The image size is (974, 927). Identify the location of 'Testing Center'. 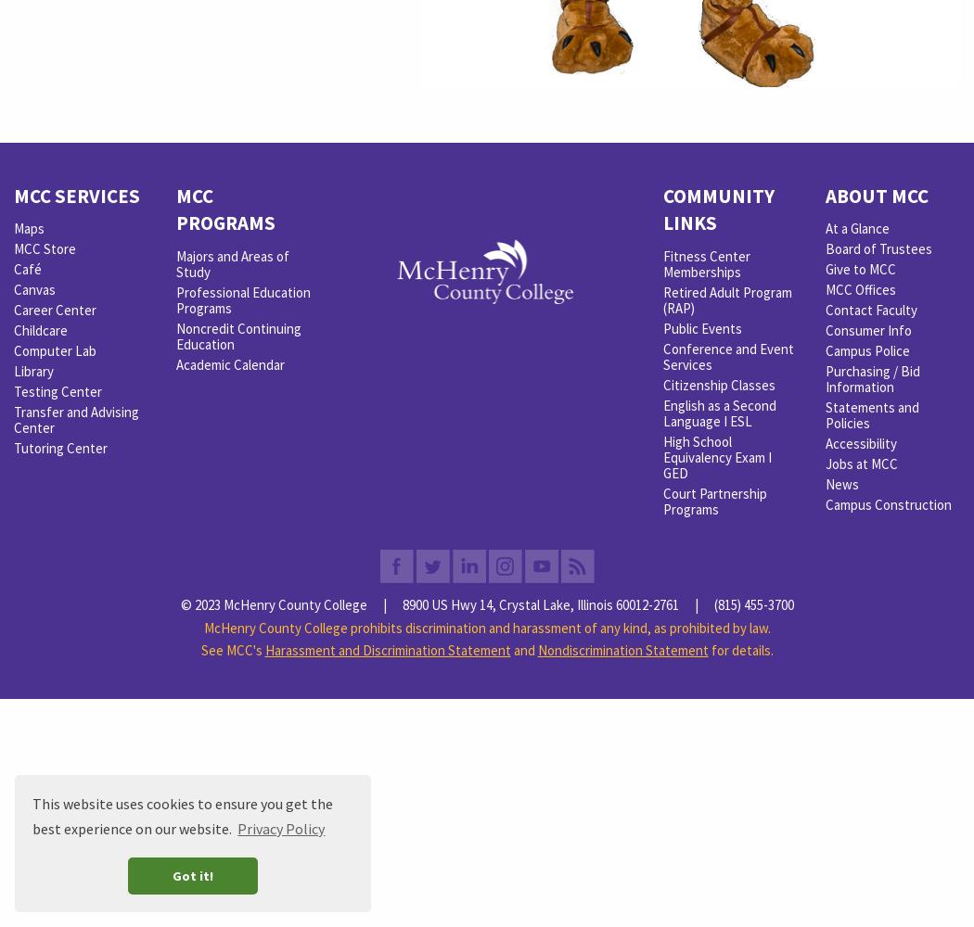
(57, 391).